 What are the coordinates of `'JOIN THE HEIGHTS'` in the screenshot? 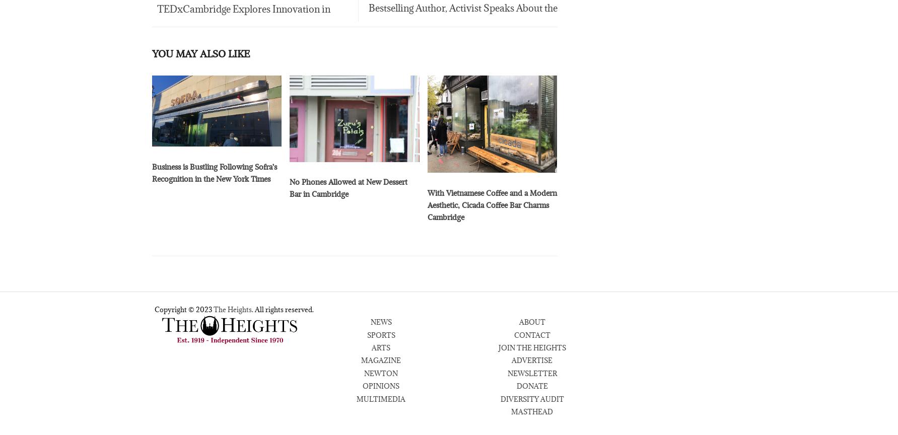 It's located at (532, 350).